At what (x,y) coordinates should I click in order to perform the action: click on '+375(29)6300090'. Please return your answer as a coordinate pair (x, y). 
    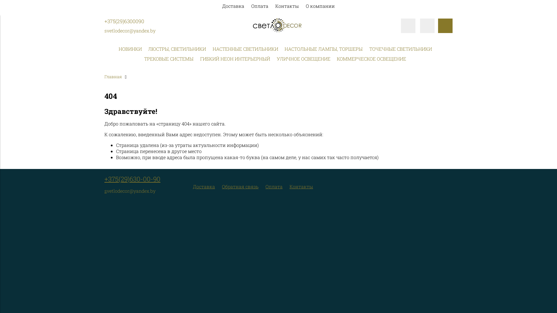
    Looking at the image, I should click on (124, 21).